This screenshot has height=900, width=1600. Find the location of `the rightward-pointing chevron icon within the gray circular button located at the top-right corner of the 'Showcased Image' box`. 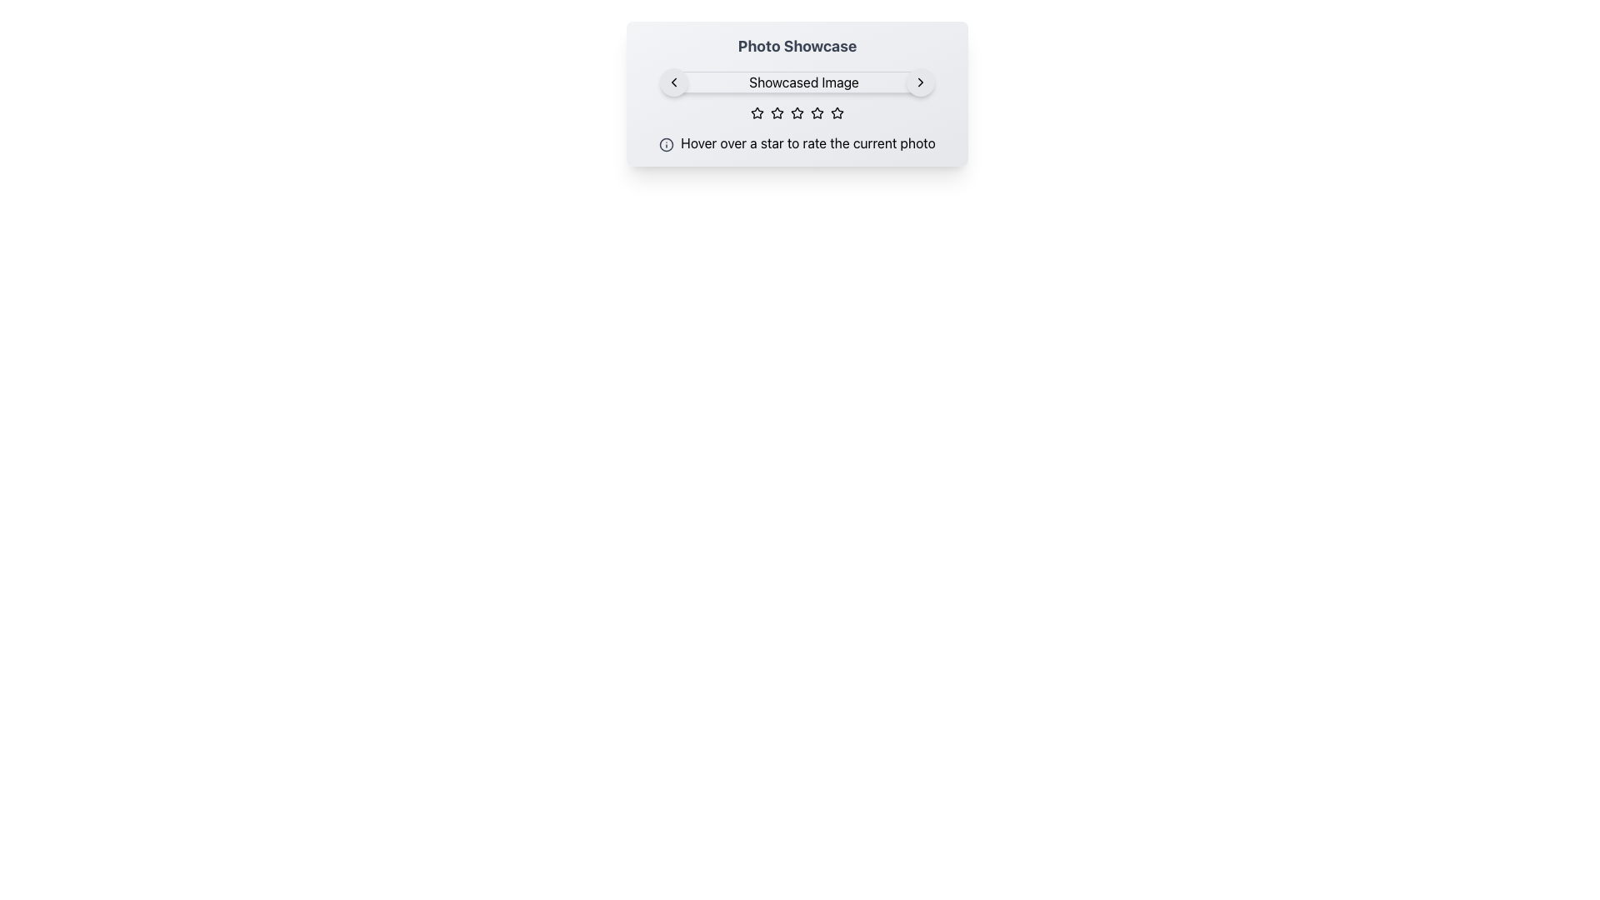

the rightward-pointing chevron icon within the gray circular button located at the top-right corner of the 'Showcased Image' box is located at coordinates (919, 82).